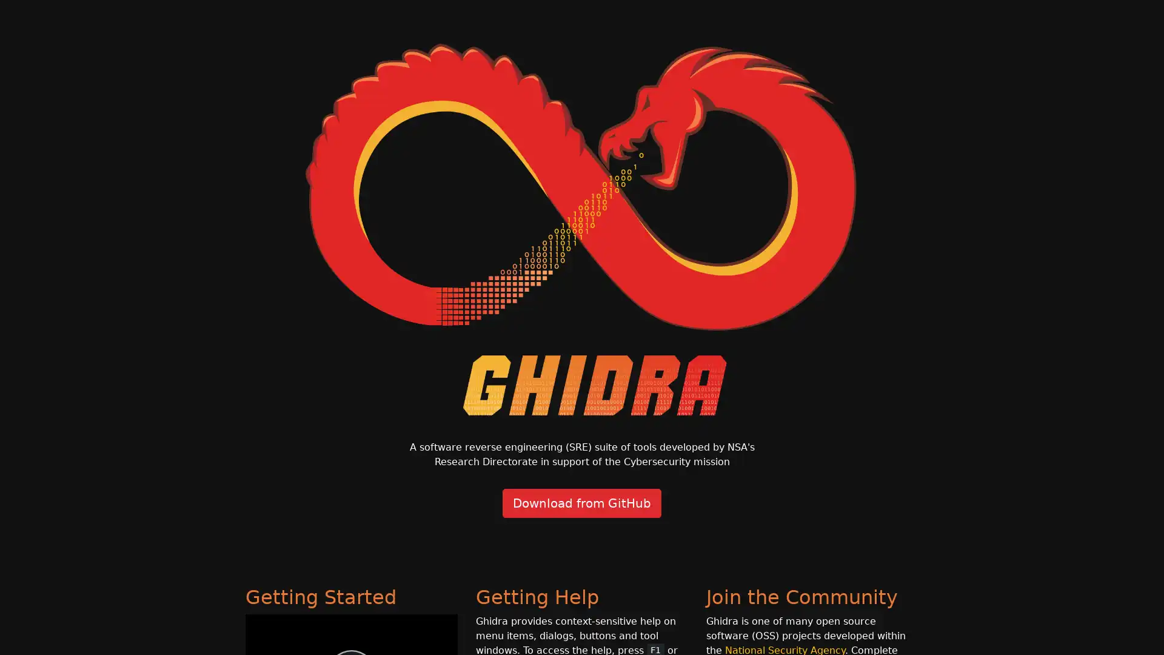 The height and width of the screenshot is (655, 1164). What do you see at coordinates (582, 503) in the screenshot?
I see `Download from GitHub` at bounding box center [582, 503].